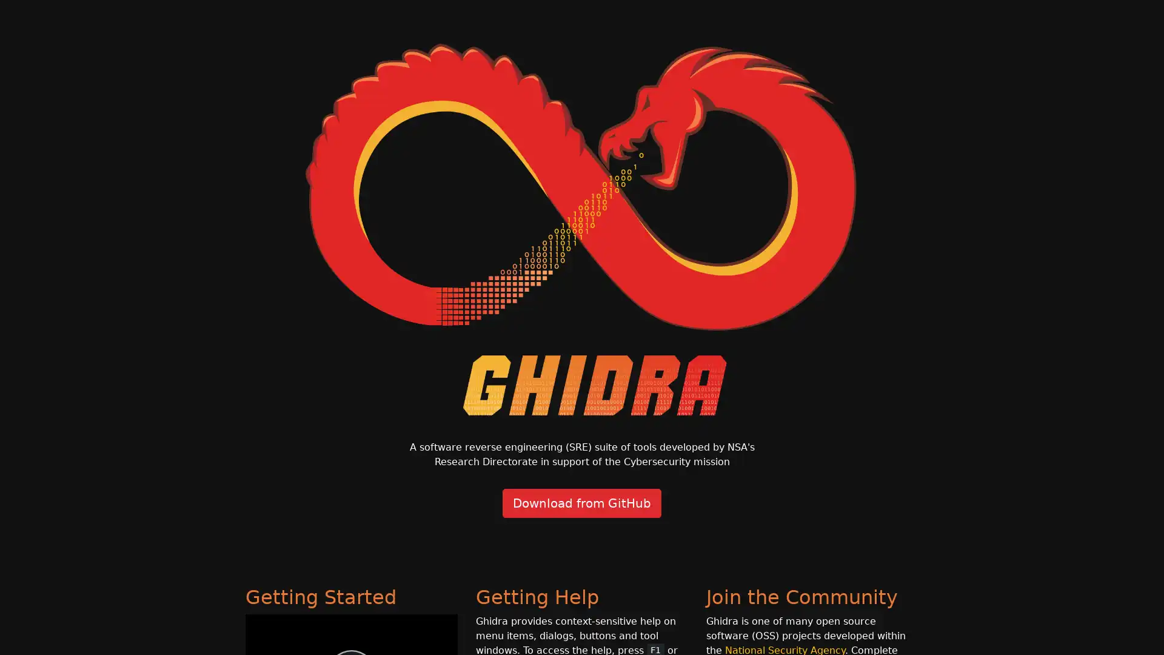 The height and width of the screenshot is (655, 1164). What do you see at coordinates (582, 503) in the screenshot?
I see `Download from GitHub` at bounding box center [582, 503].